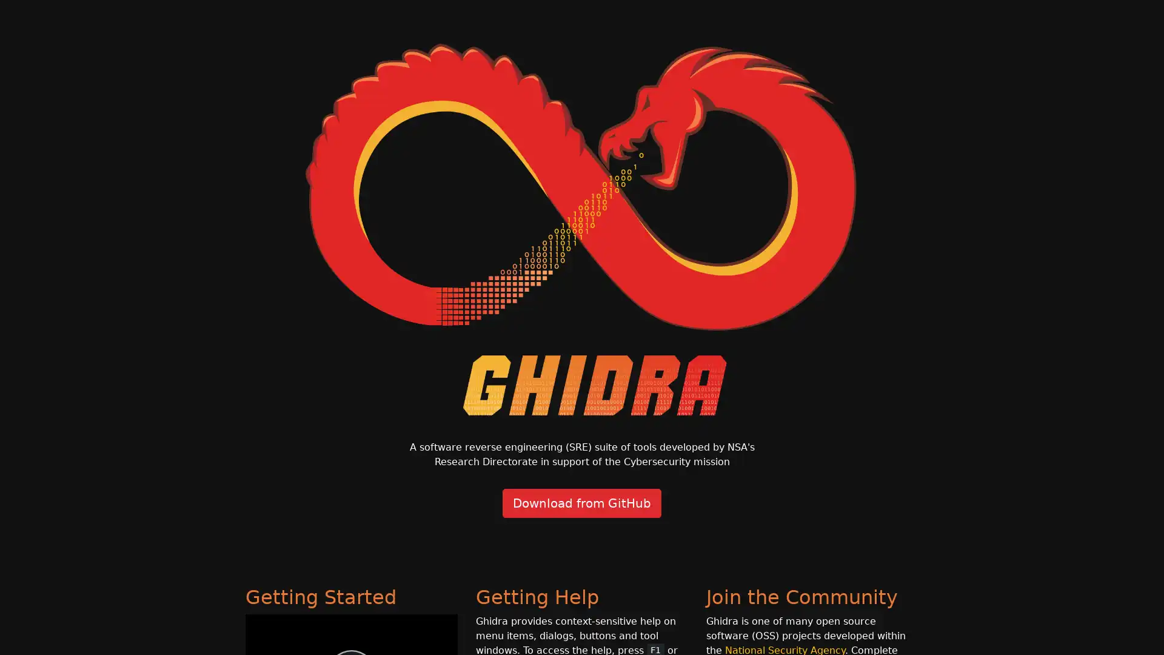 The height and width of the screenshot is (655, 1164). What do you see at coordinates (582, 503) in the screenshot?
I see `Download from GitHub` at bounding box center [582, 503].